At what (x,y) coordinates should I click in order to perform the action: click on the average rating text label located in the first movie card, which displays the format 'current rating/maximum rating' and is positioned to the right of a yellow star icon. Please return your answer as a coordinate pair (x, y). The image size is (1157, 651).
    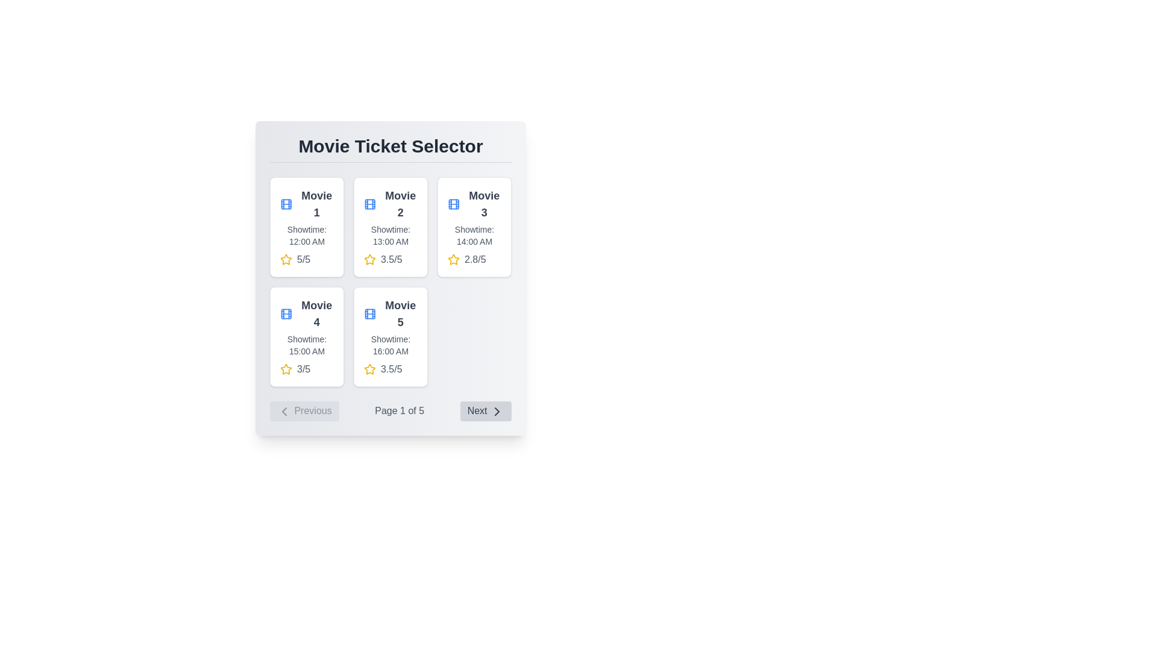
    Looking at the image, I should click on (304, 259).